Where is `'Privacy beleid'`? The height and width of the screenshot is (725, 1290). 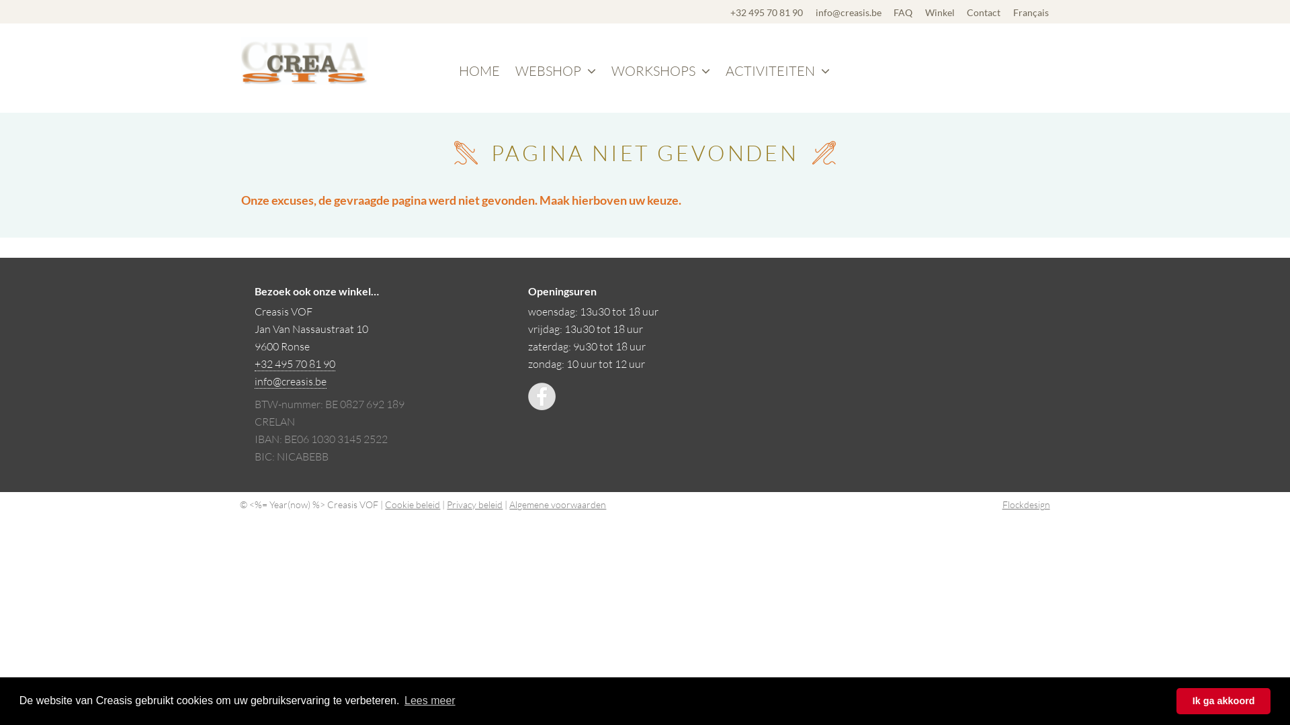 'Privacy beleid' is located at coordinates (474, 504).